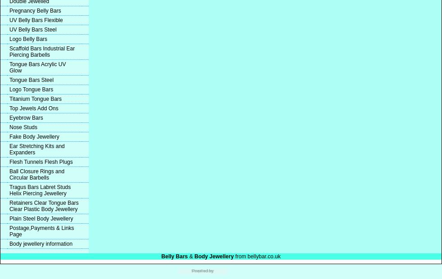 The height and width of the screenshot is (279, 442). I want to click on 'Tongue Bars Acrylic UV Glow', so click(37, 67).